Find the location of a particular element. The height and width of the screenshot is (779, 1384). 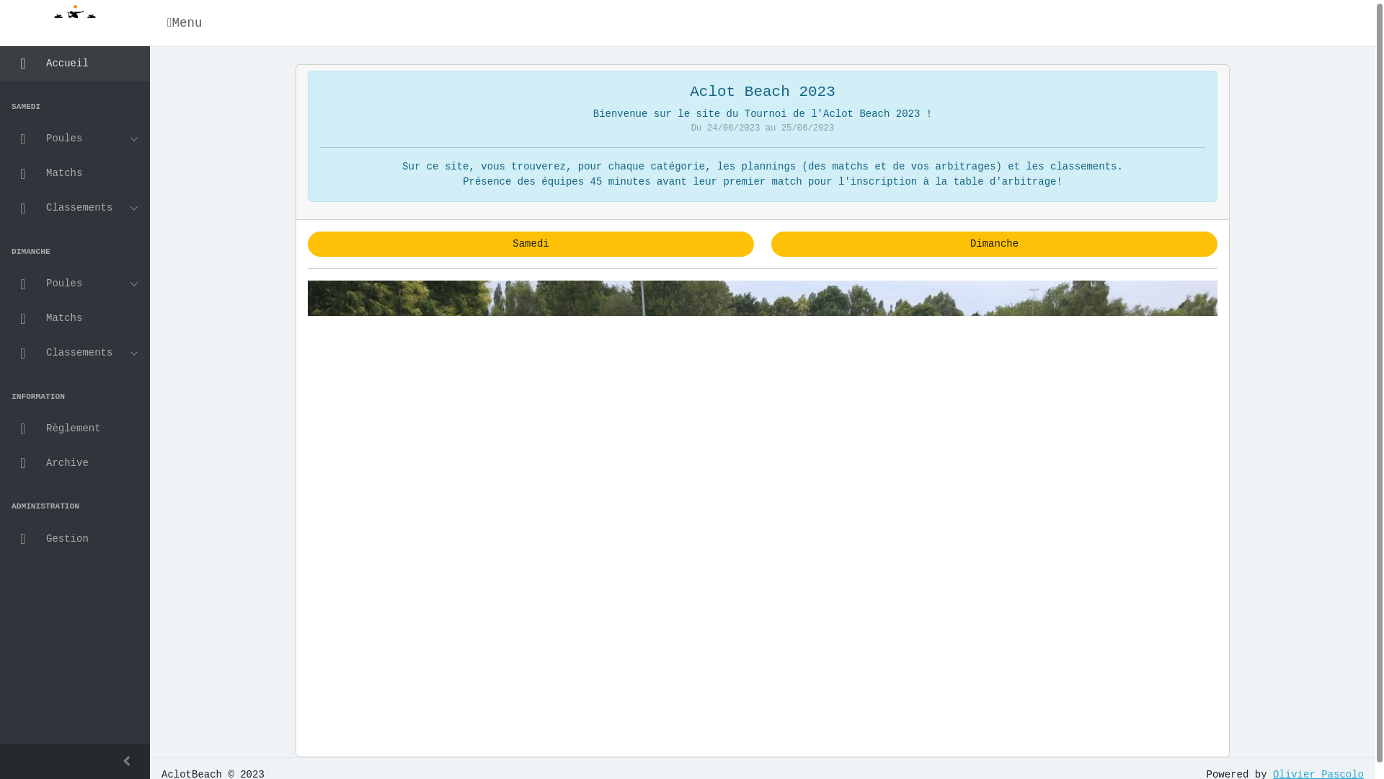

'Accueil' is located at coordinates (74, 63).